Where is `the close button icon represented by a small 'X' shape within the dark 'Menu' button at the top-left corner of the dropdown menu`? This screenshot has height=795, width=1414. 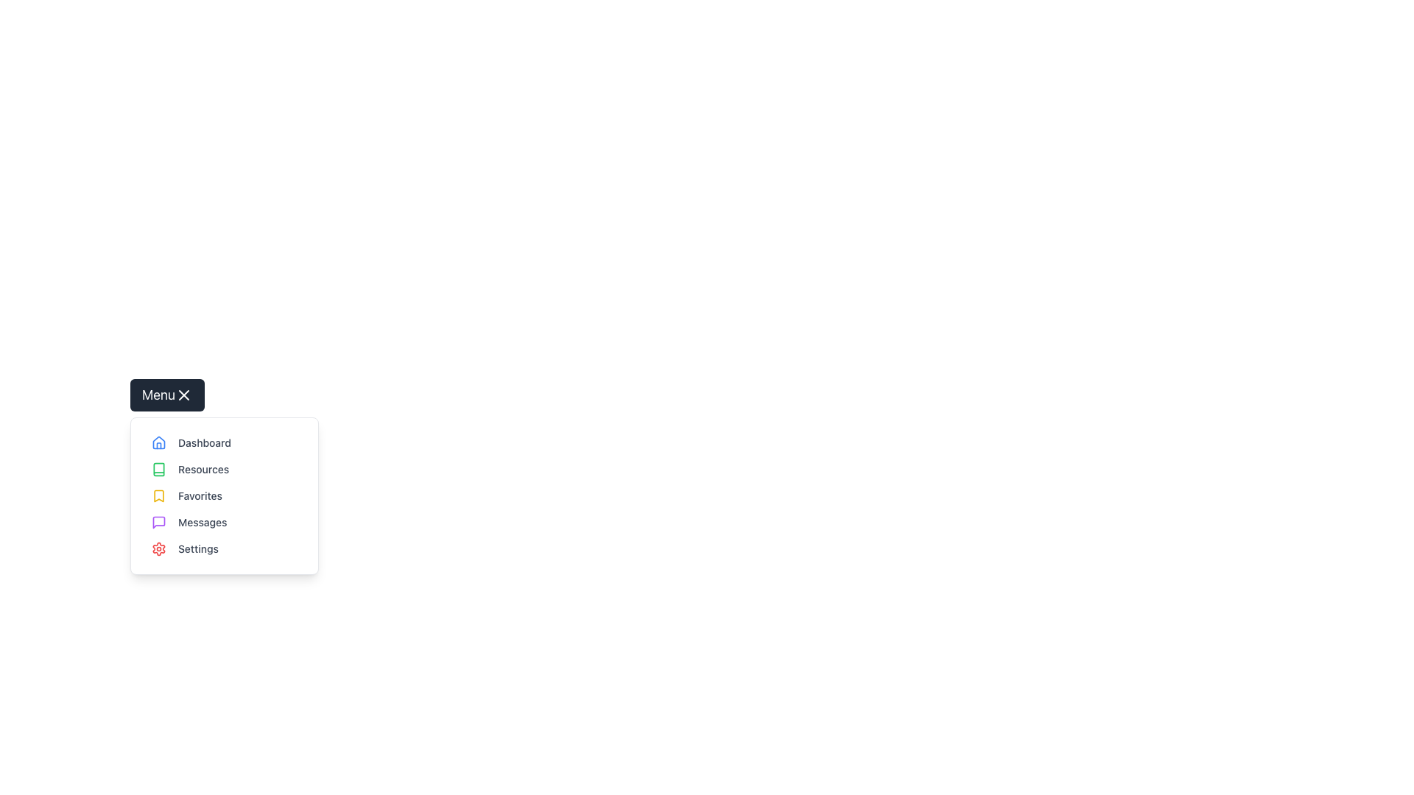 the close button icon represented by a small 'X' shape within the dark 'Menu' button at the top-left corner of the dropdown menu is located at coordinates (183, 394).